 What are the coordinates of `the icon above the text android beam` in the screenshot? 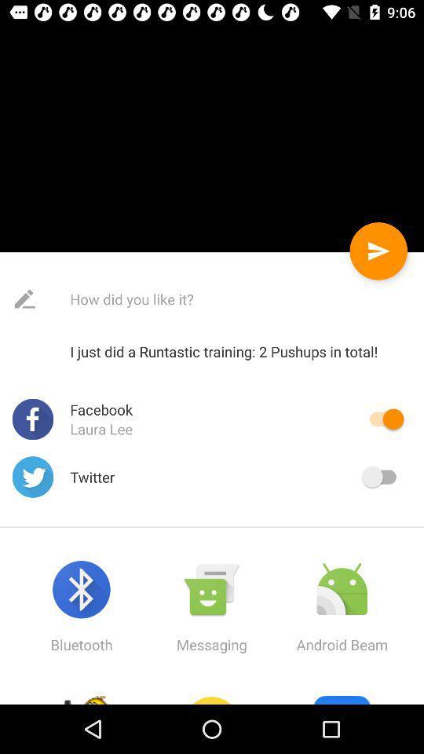 It's located at (341, 589).